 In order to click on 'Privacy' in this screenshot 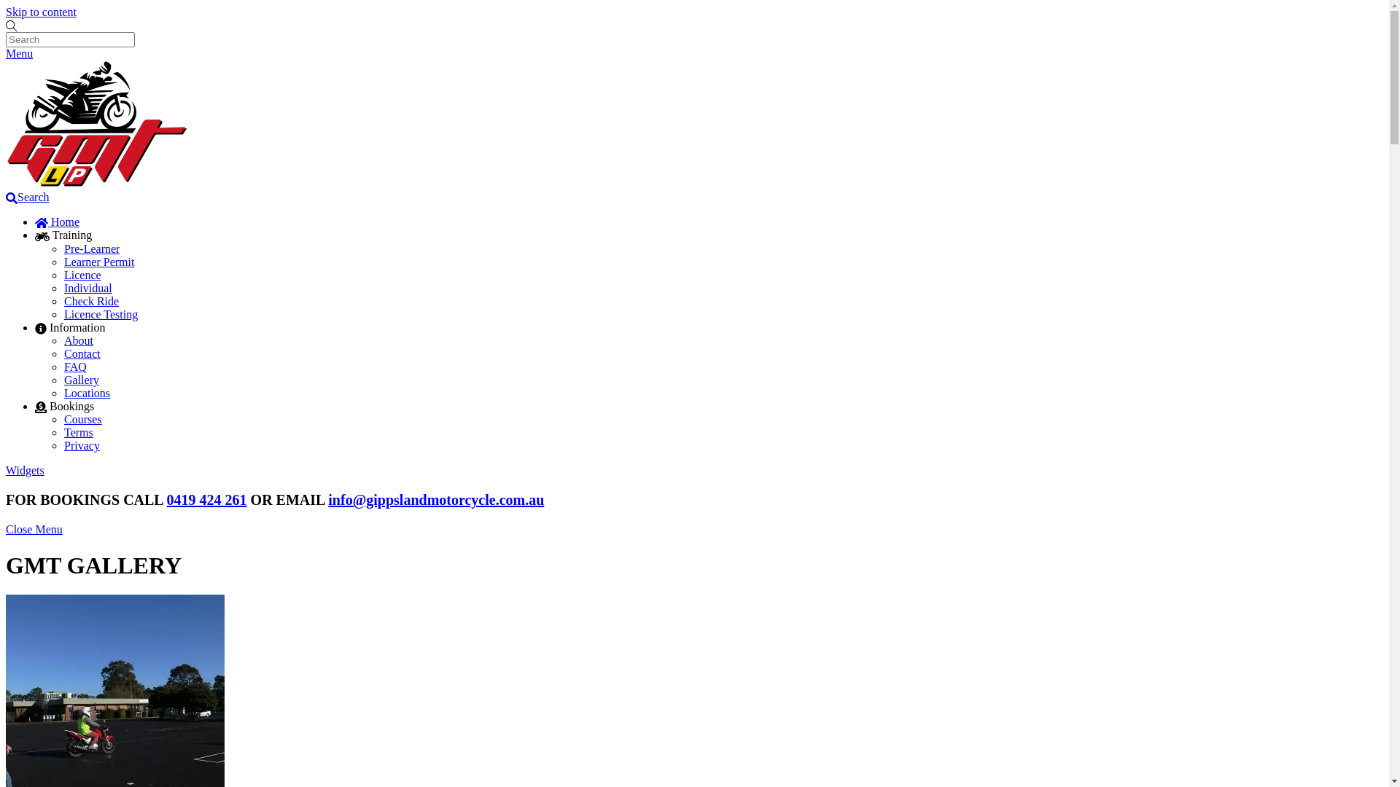, I will do `click(63, 445)`.